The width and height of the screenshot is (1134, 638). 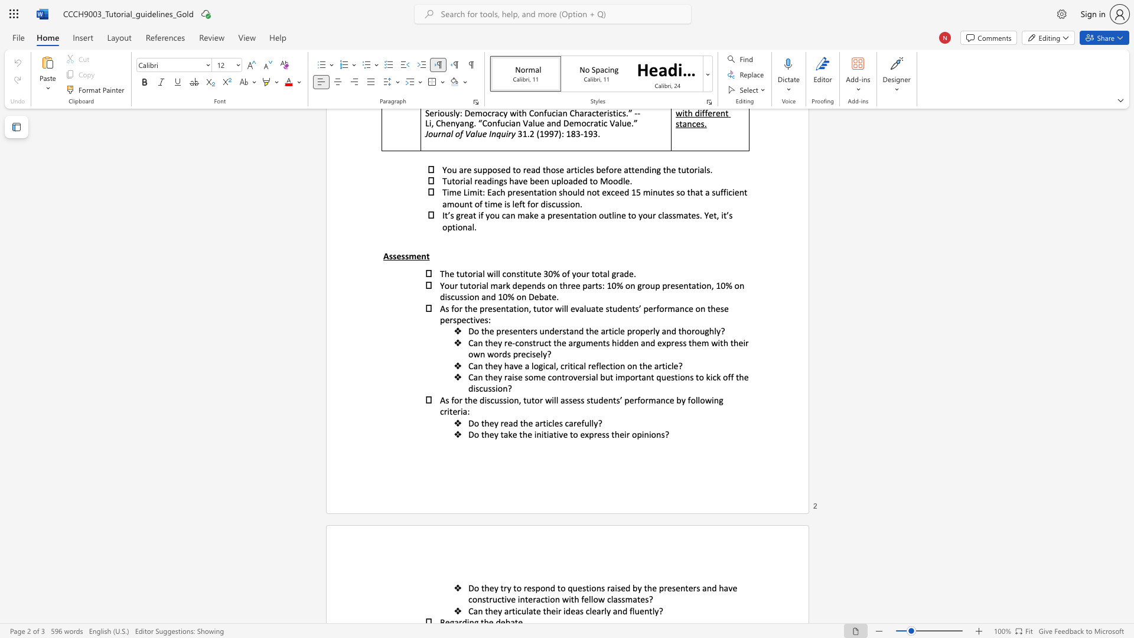 I want to click on the subset text "ntrove" within the text "Can they raise some controversial but important questions to kick off the discussion?", so click(x=556, y=377).